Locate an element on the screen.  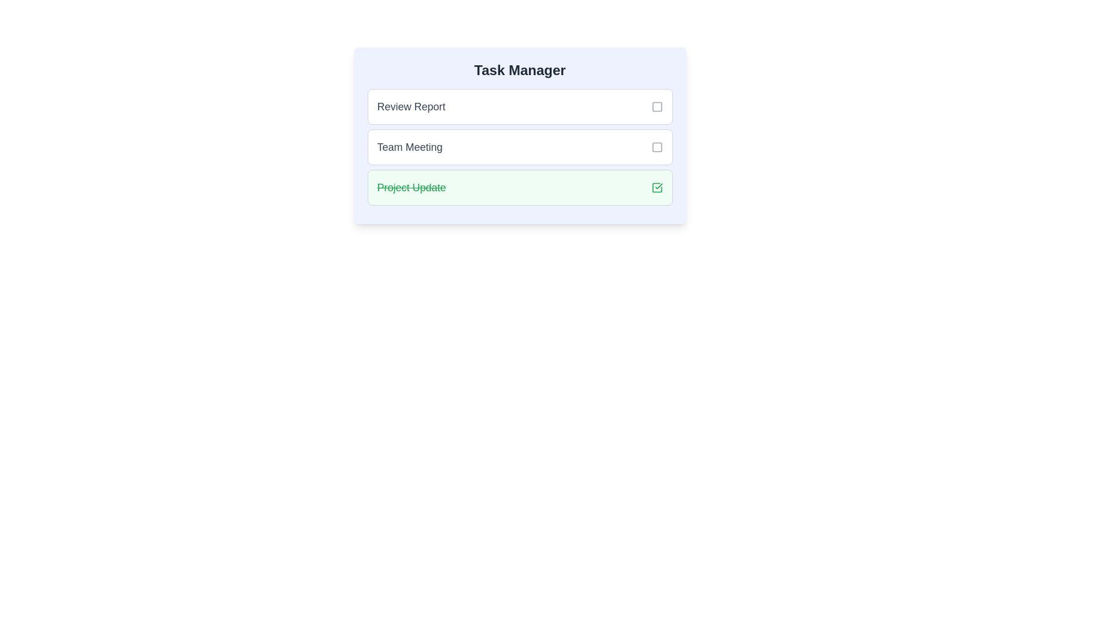
the checkbox or icon associated with the 'Team Meeting' task is located at coordinates (657, 146).